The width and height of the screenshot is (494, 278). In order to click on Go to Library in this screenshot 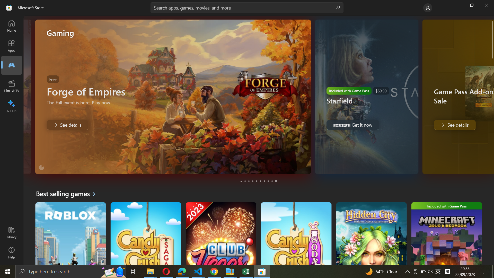, I will do `click(12, 233)`.